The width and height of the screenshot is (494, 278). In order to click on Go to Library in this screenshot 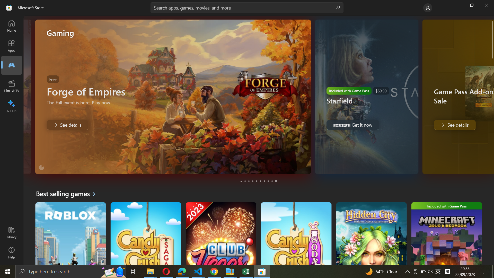, I will do `click(12, 233)`.